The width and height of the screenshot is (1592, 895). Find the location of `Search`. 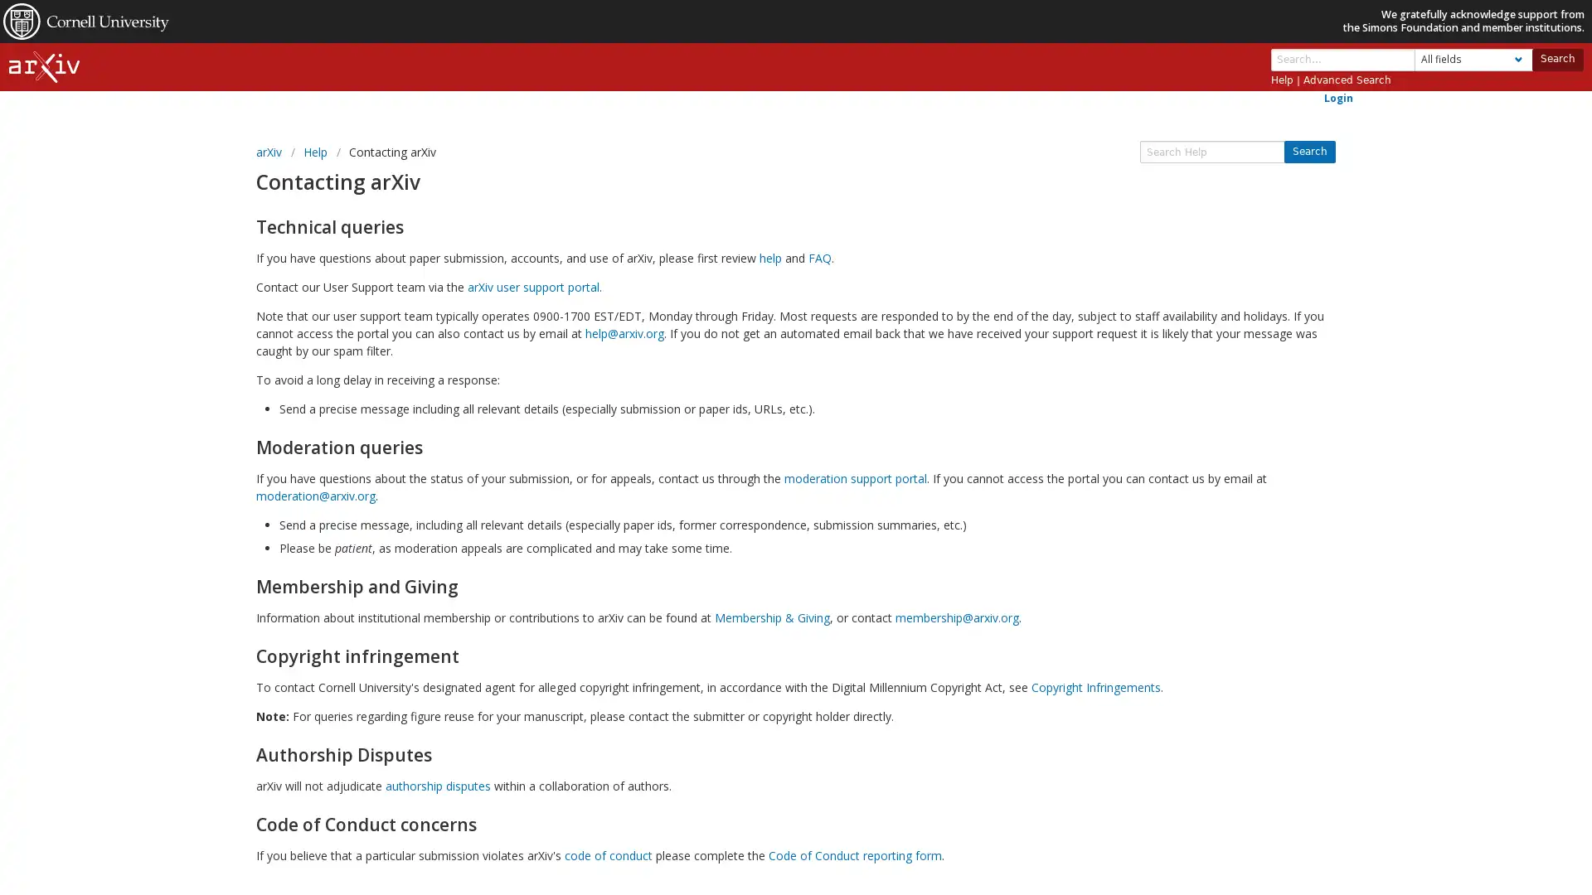

Search is located at coordinates (1556, 58).